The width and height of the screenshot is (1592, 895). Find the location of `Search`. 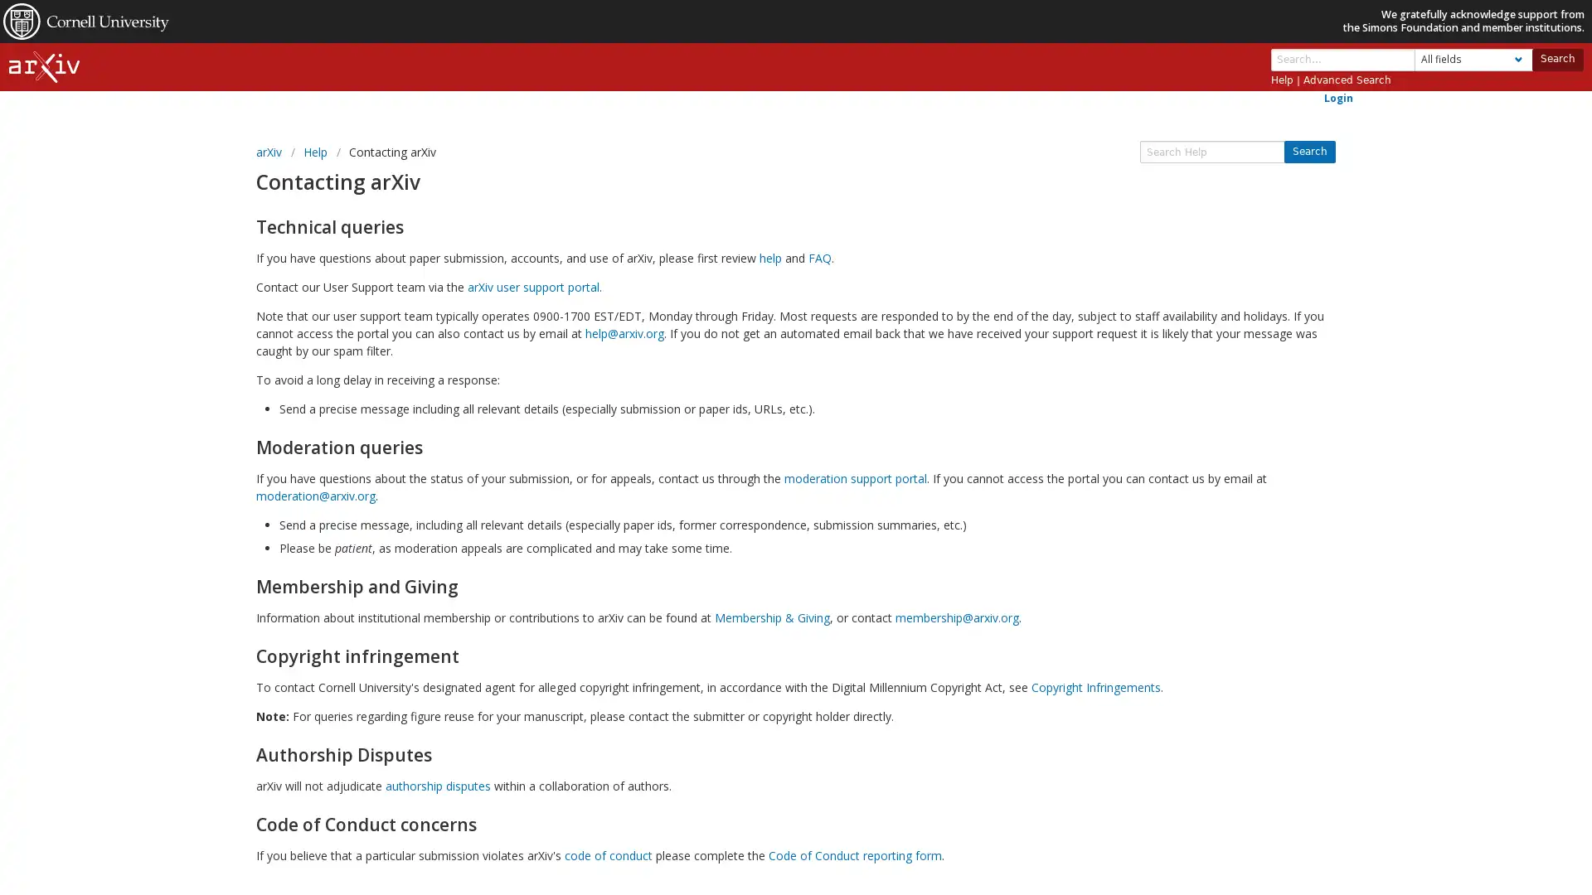

Search is located at coordinates (1556, 58).